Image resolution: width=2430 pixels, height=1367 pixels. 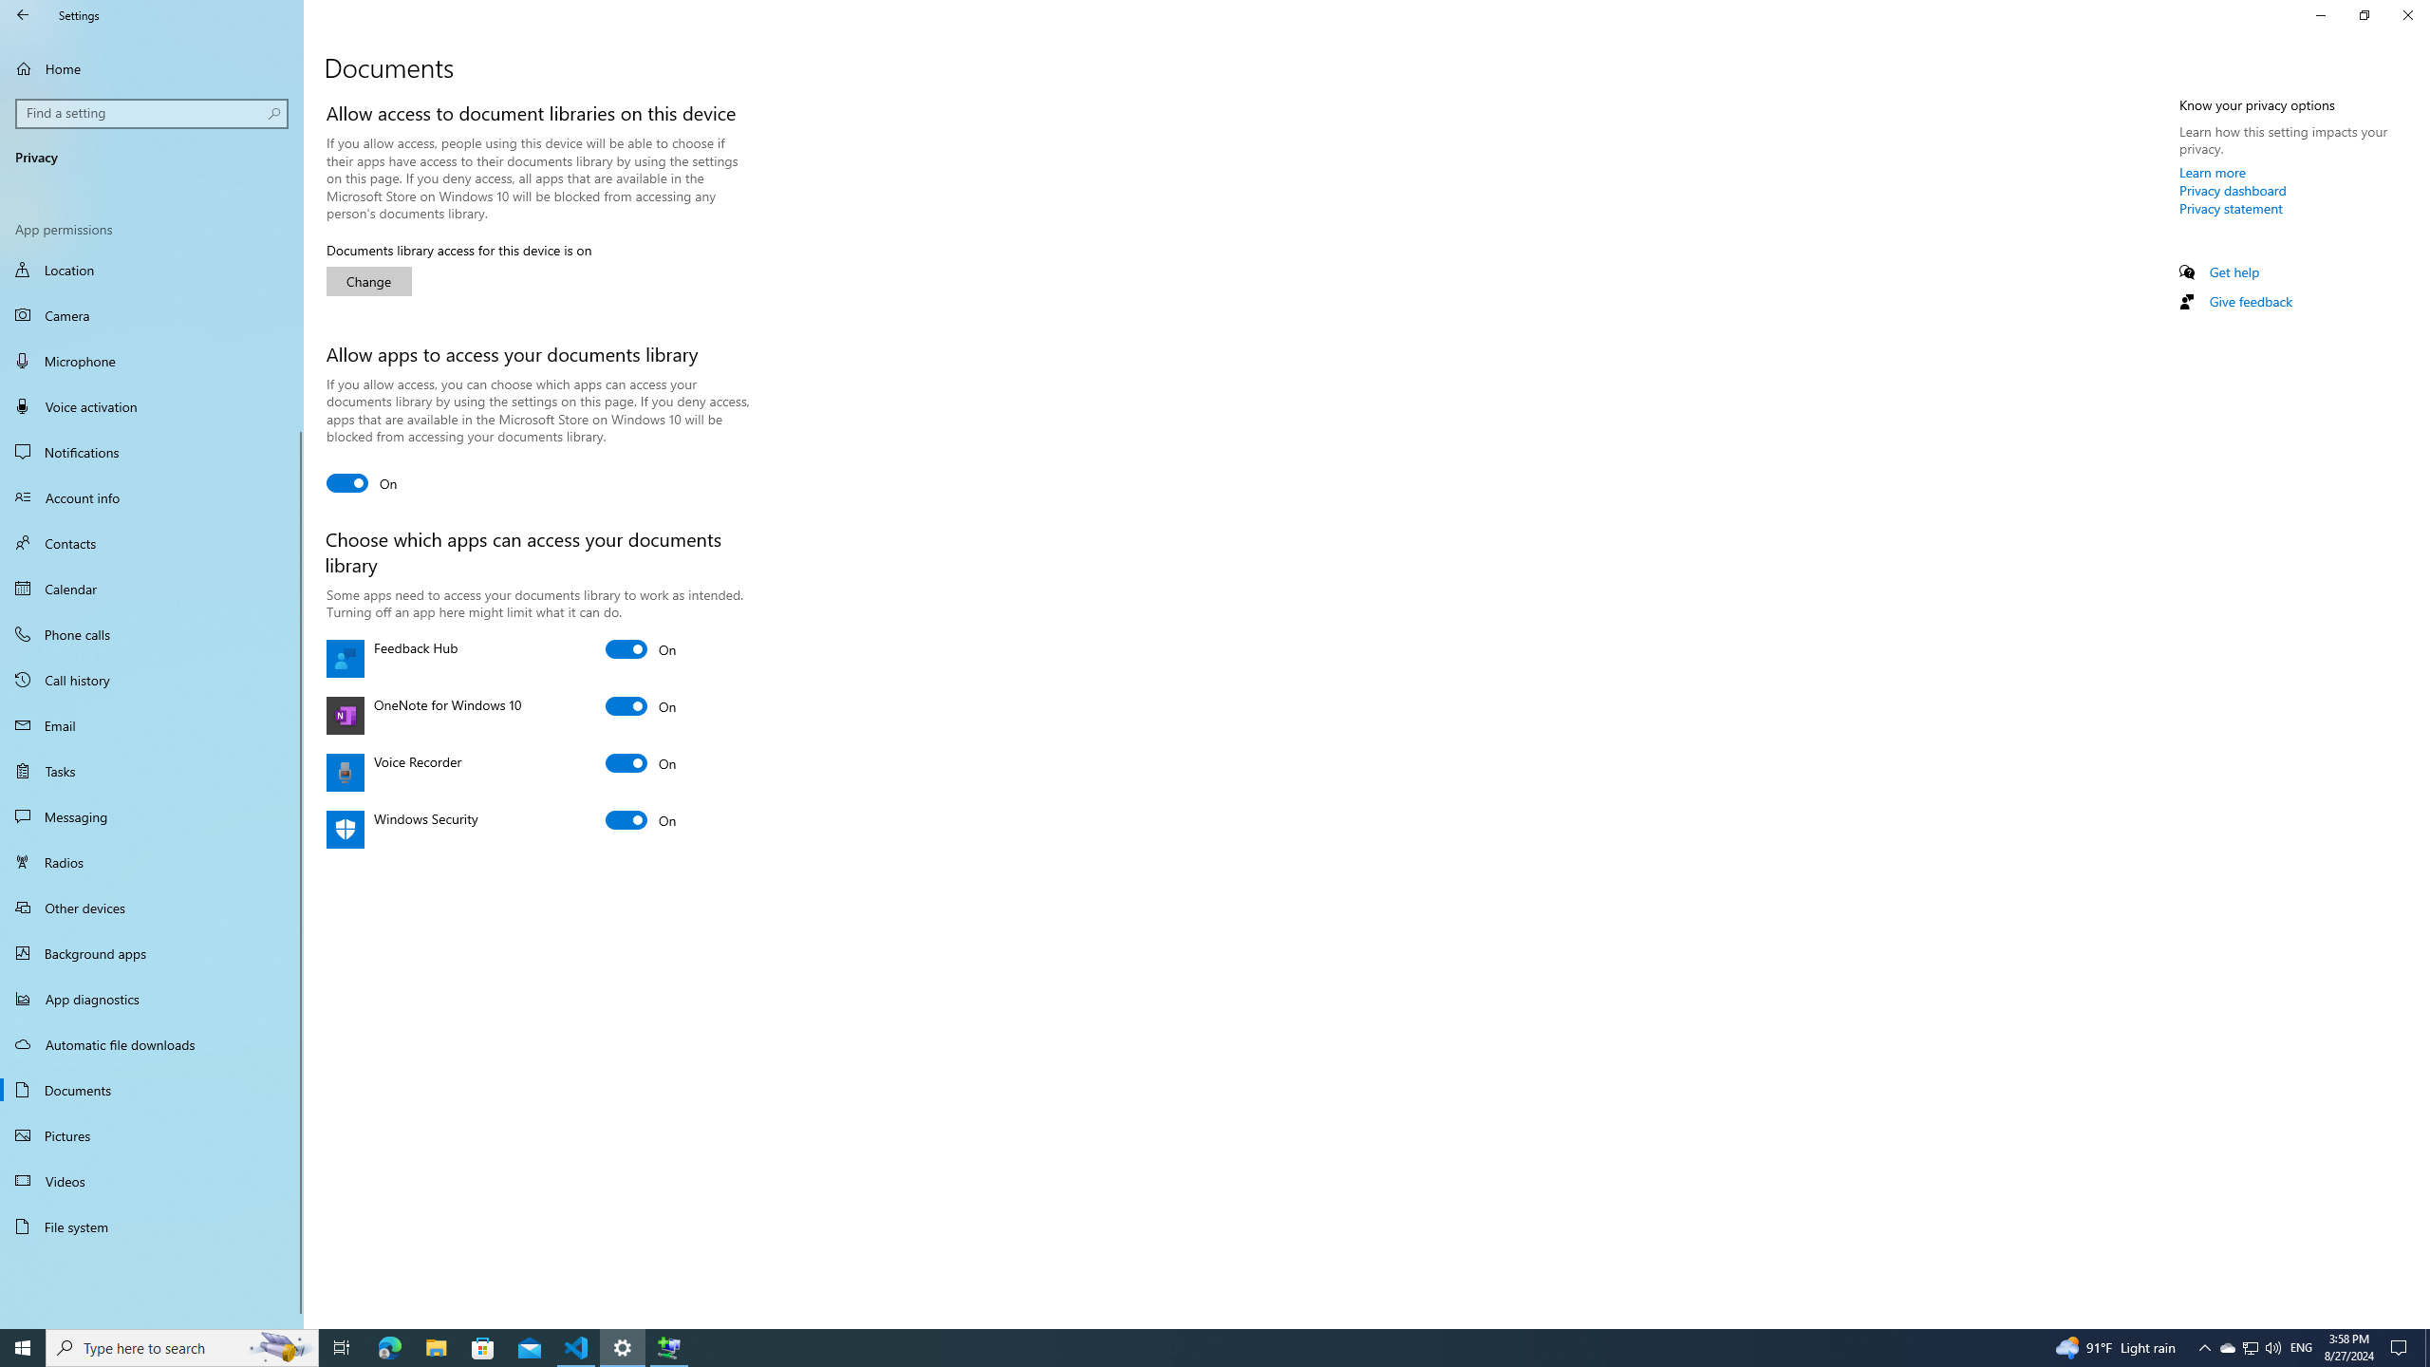 What do you see at coordinates (2233, 272) in the screenshot?
I see `'Get help'` at bounding box center [2233, 272].